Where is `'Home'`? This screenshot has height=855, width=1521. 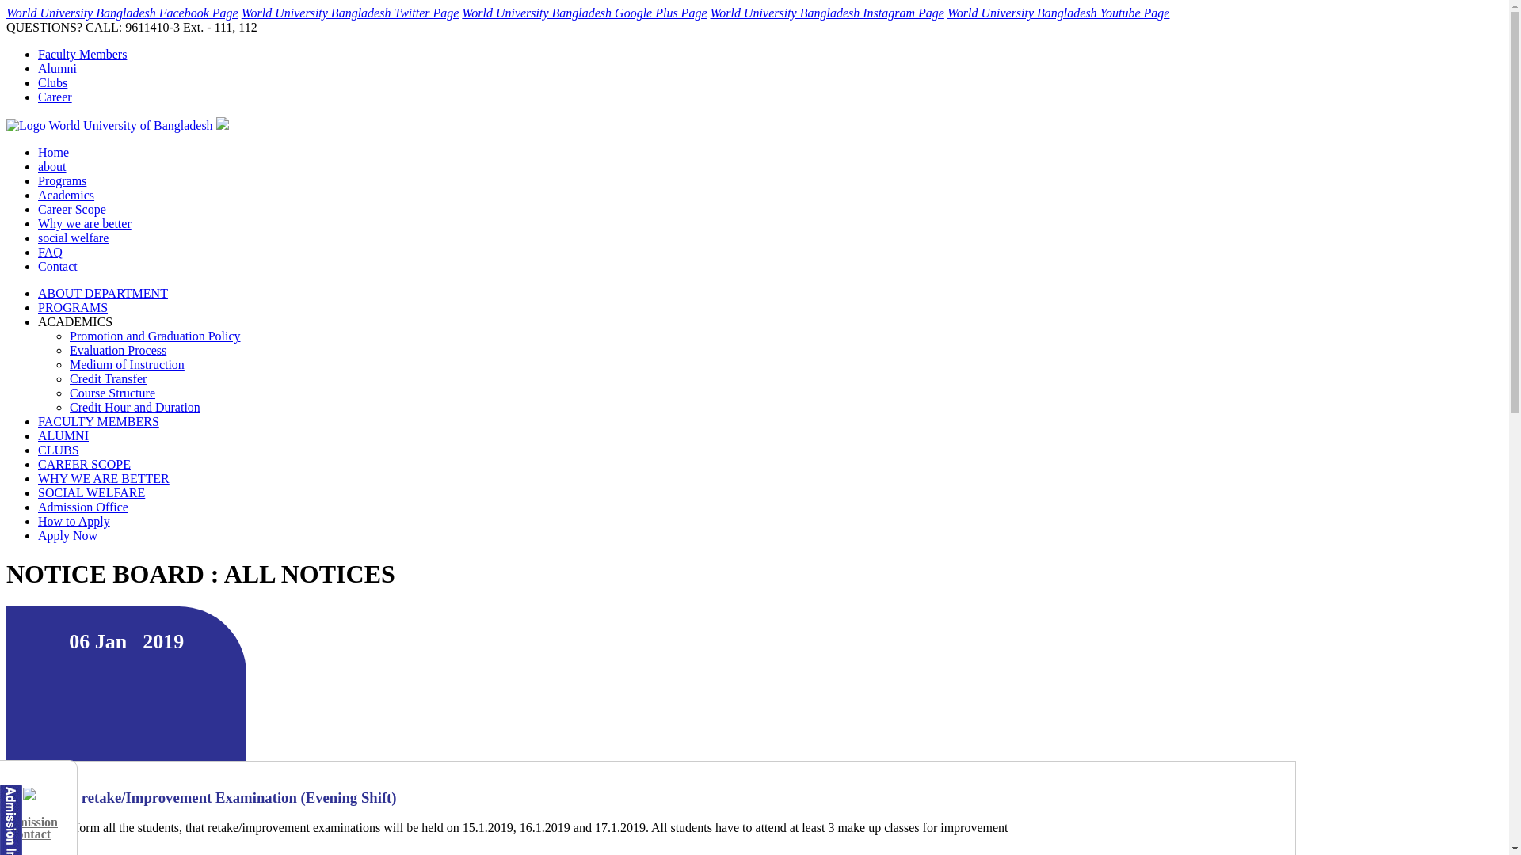 'Home' is located at coordinates (53, 152).